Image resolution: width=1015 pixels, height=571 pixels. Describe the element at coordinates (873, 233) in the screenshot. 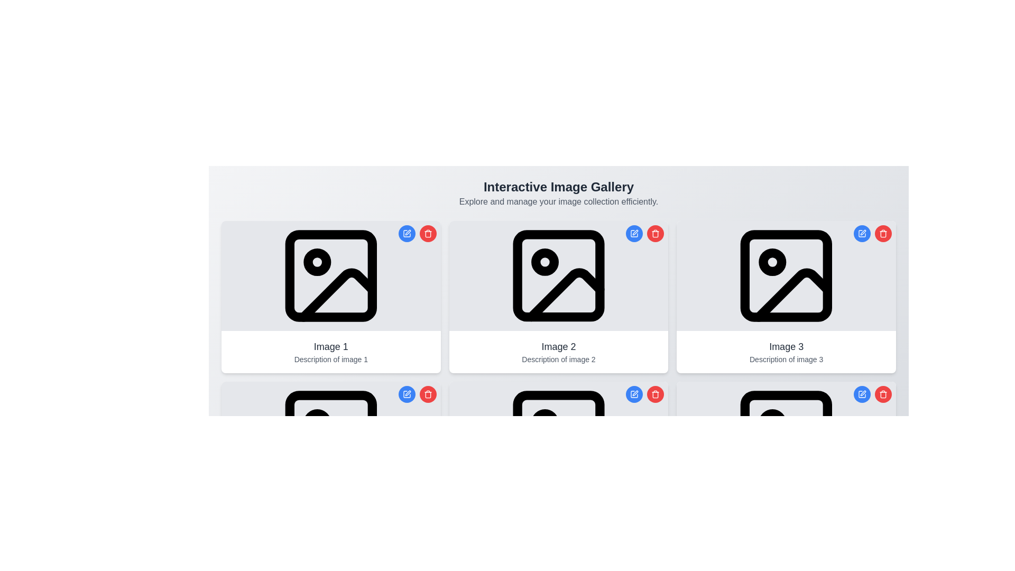

I see `the red button in the top-right corner of the image card labeled 'Image 3'` at that location.